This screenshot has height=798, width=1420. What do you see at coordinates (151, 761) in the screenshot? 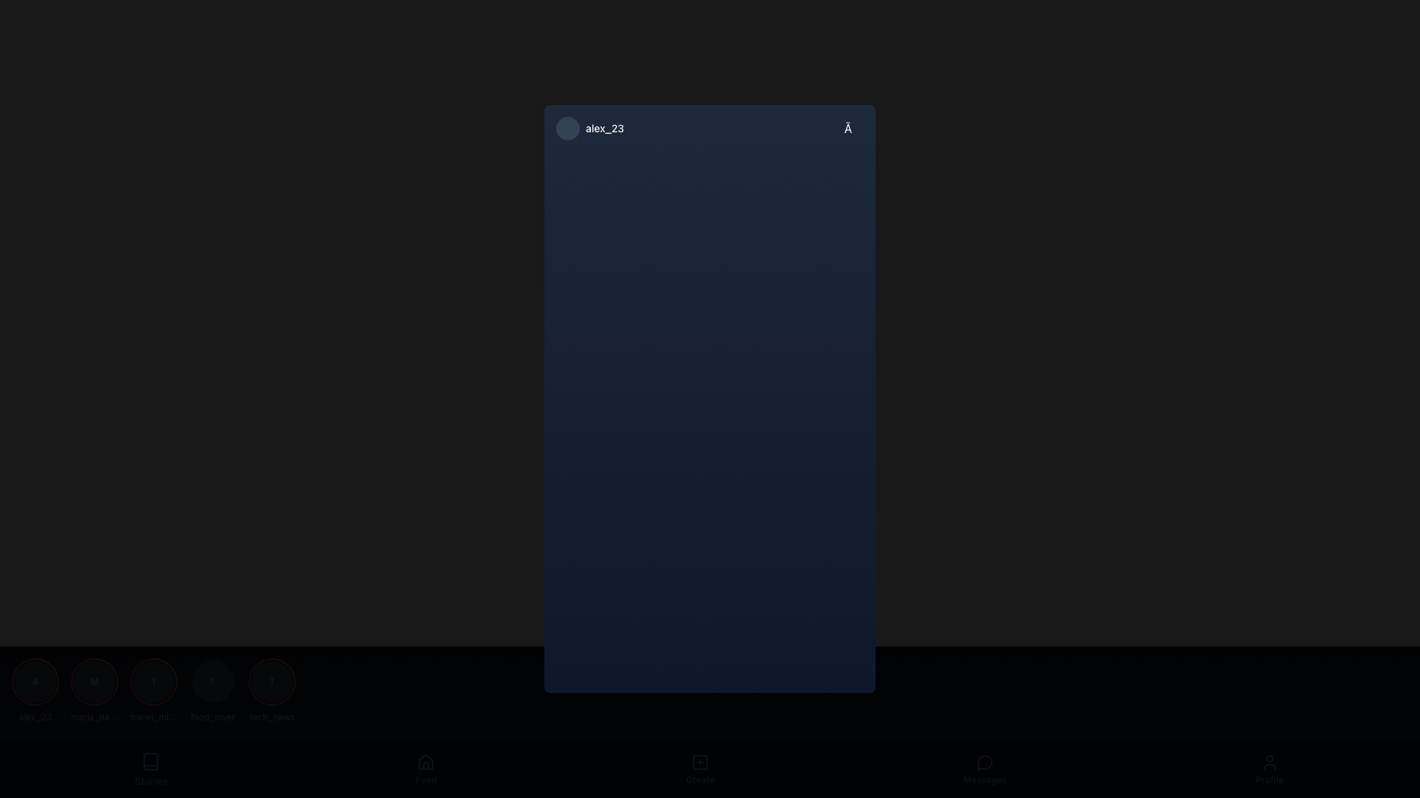
I see `the 'Stories' icon button, which is located in the navigation bar at the bottom of the interface` at bounding box center [151, 761].